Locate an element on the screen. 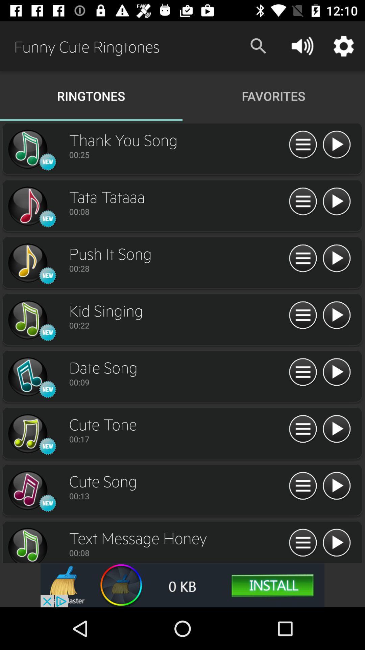 The image size is (365, 650). song is located at coordinates (27, 149).